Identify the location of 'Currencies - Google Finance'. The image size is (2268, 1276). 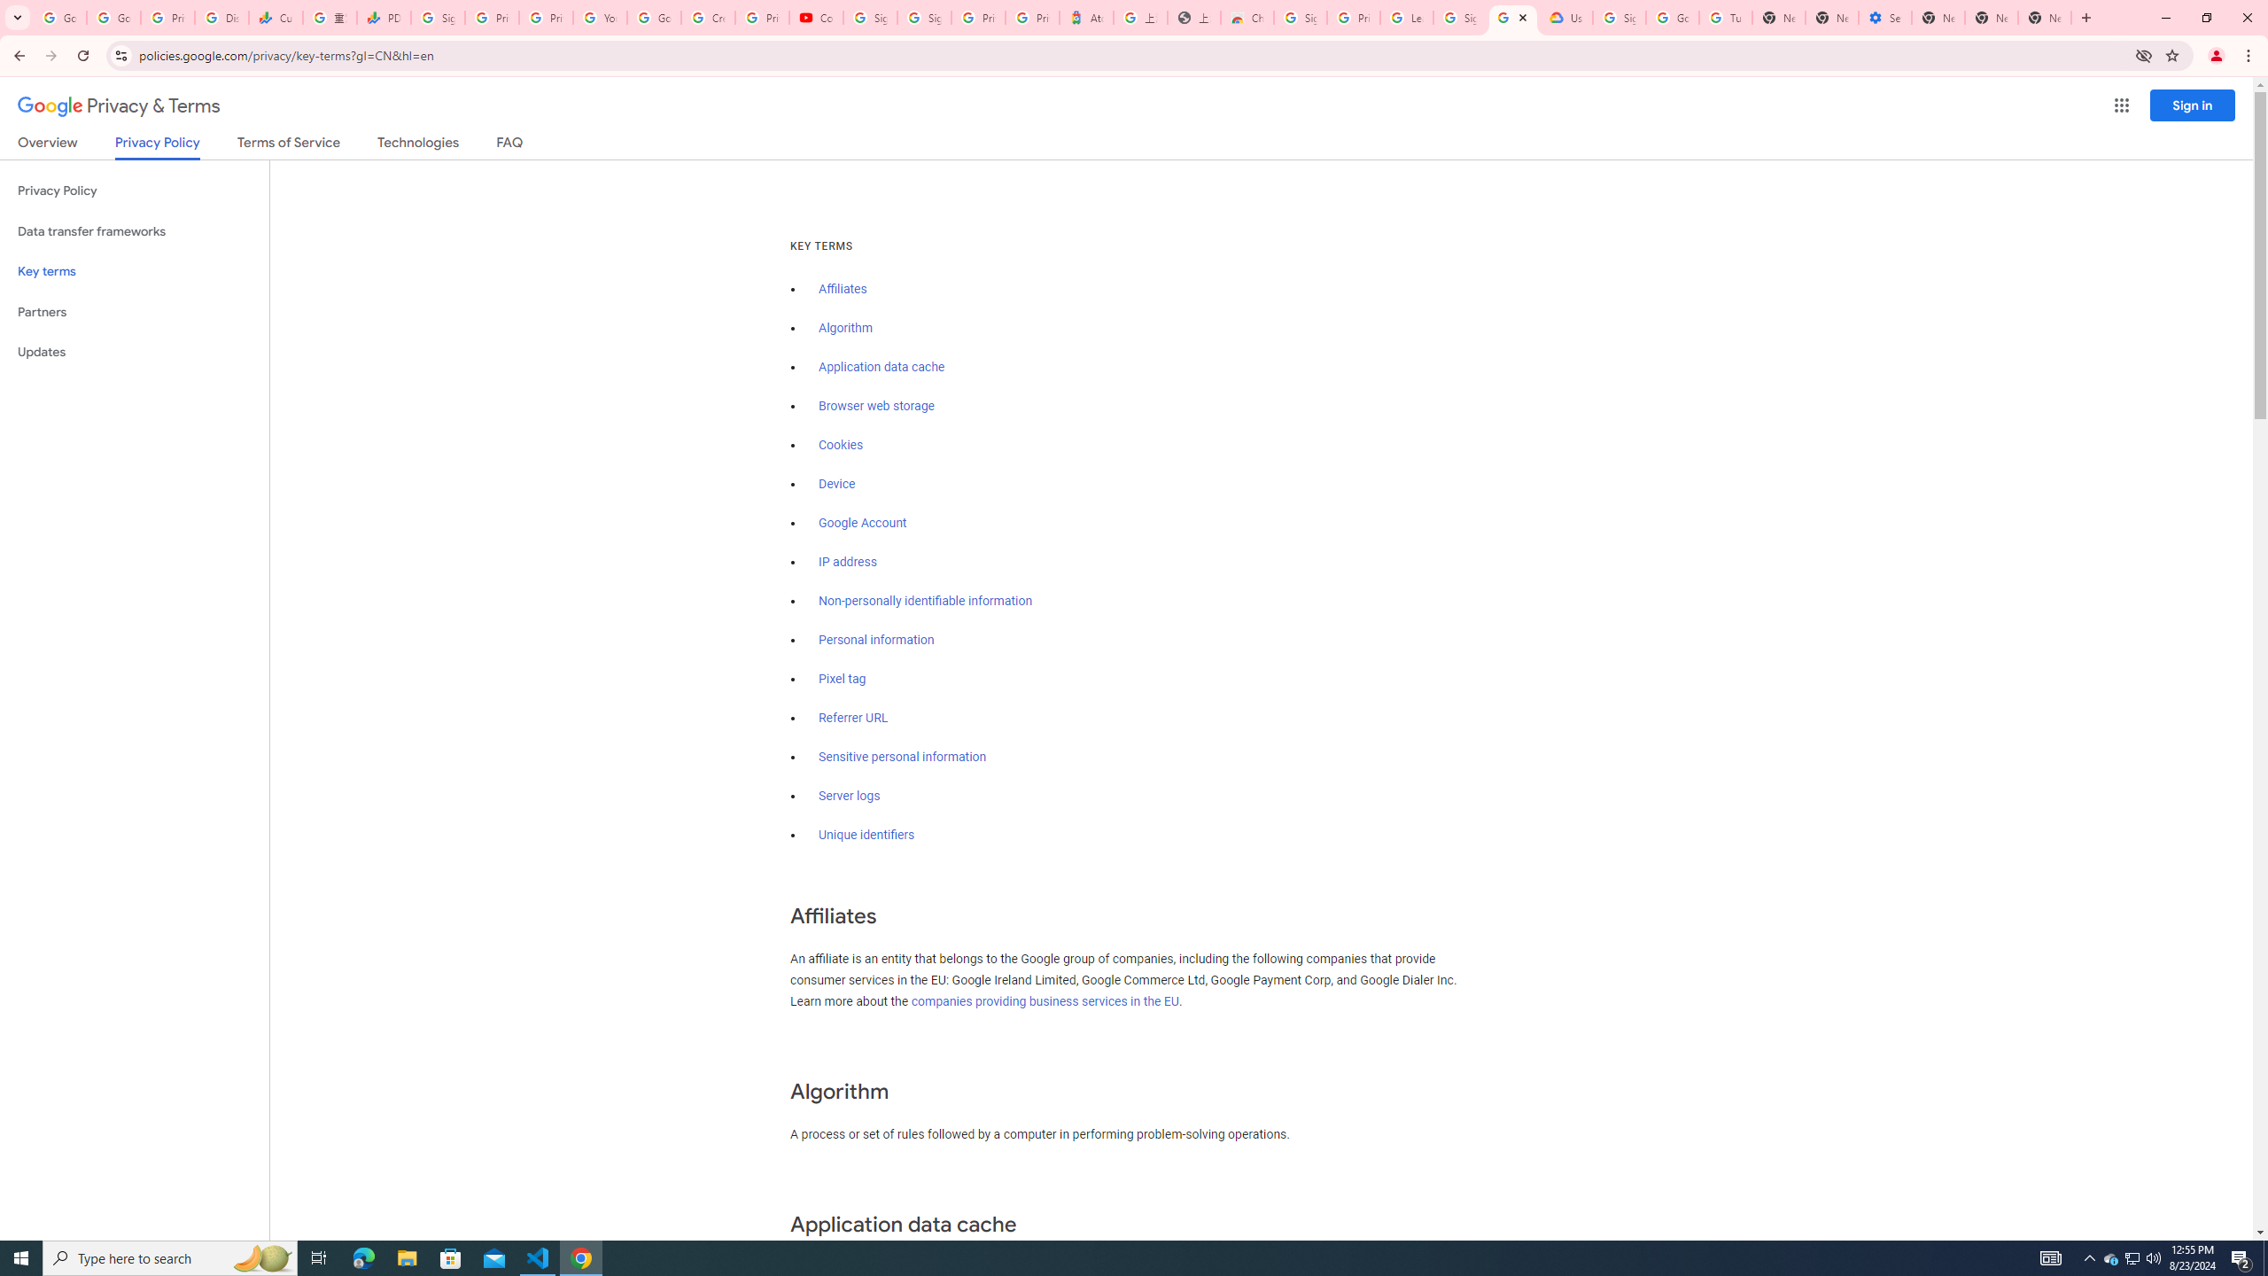
(275, 17).